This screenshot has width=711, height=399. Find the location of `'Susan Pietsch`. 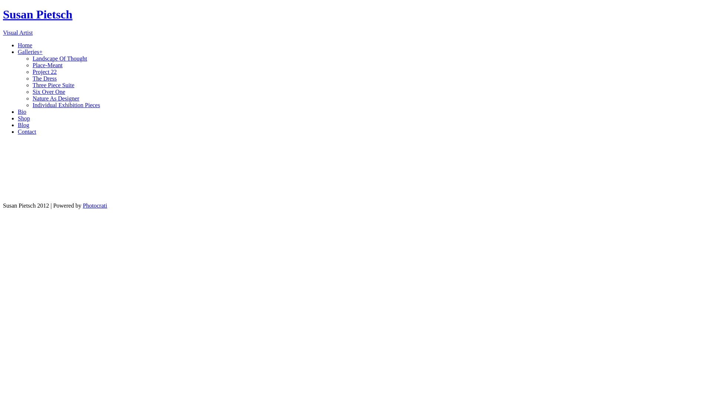

'Susan Pietsch is located at coordinates (355, 21).